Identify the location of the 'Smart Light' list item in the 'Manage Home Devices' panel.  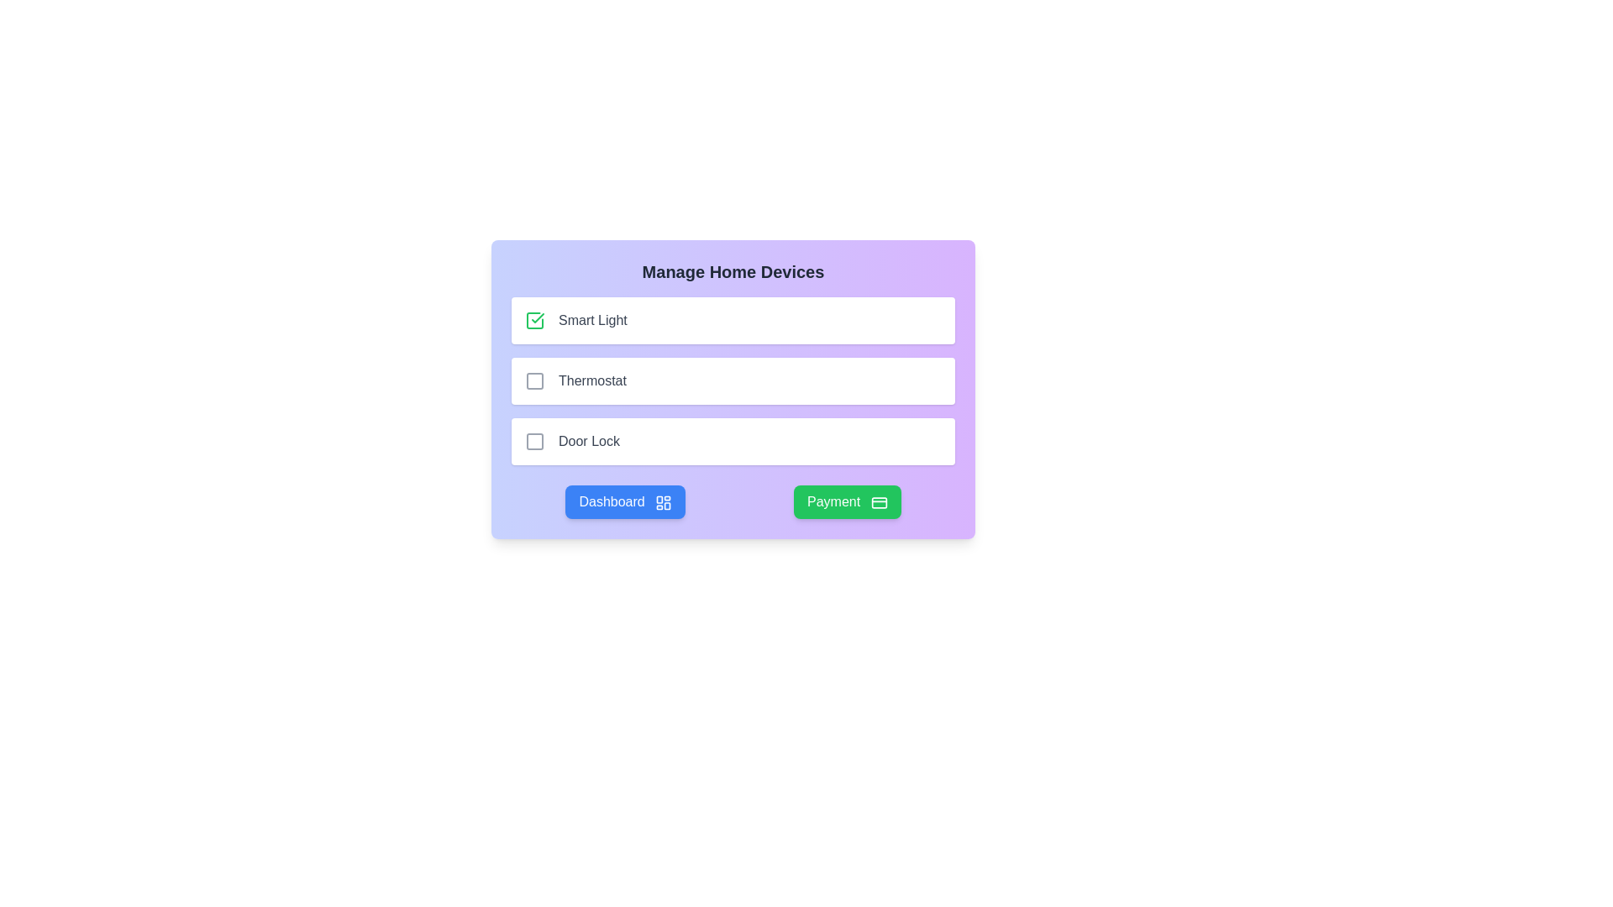
(733, 320).